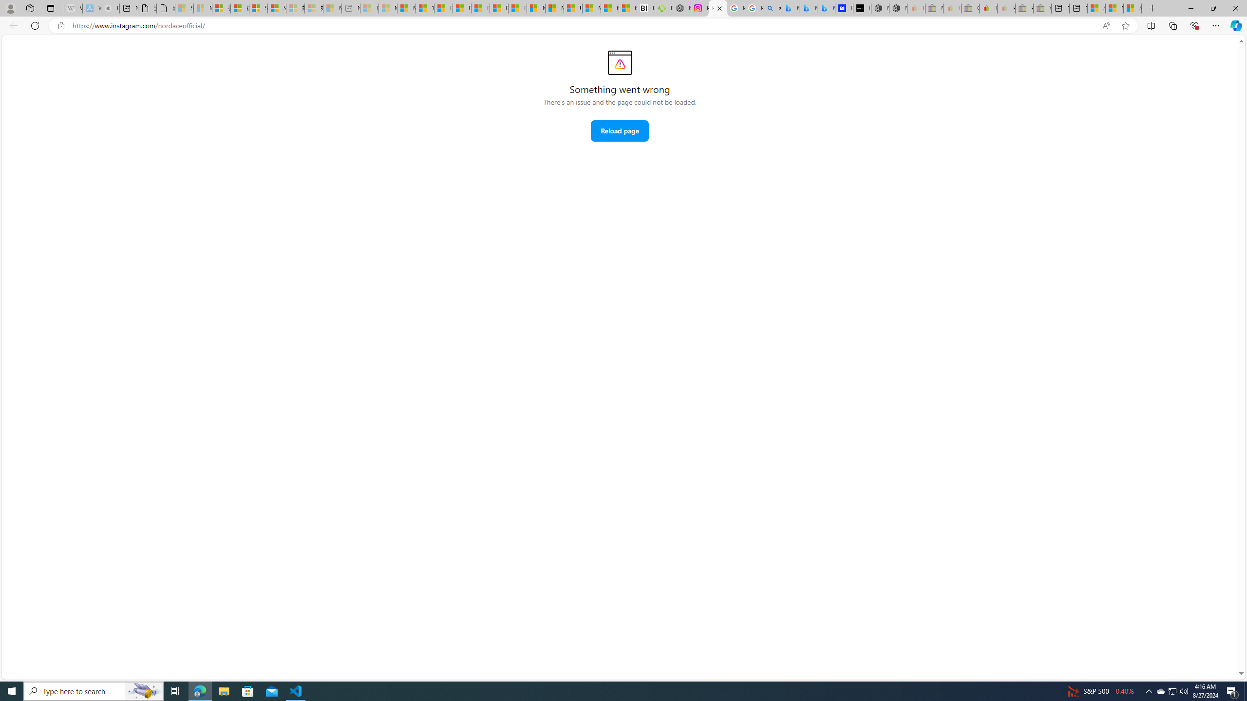  I want to click on 'Food and Drink - MSN', so click(443, 8).